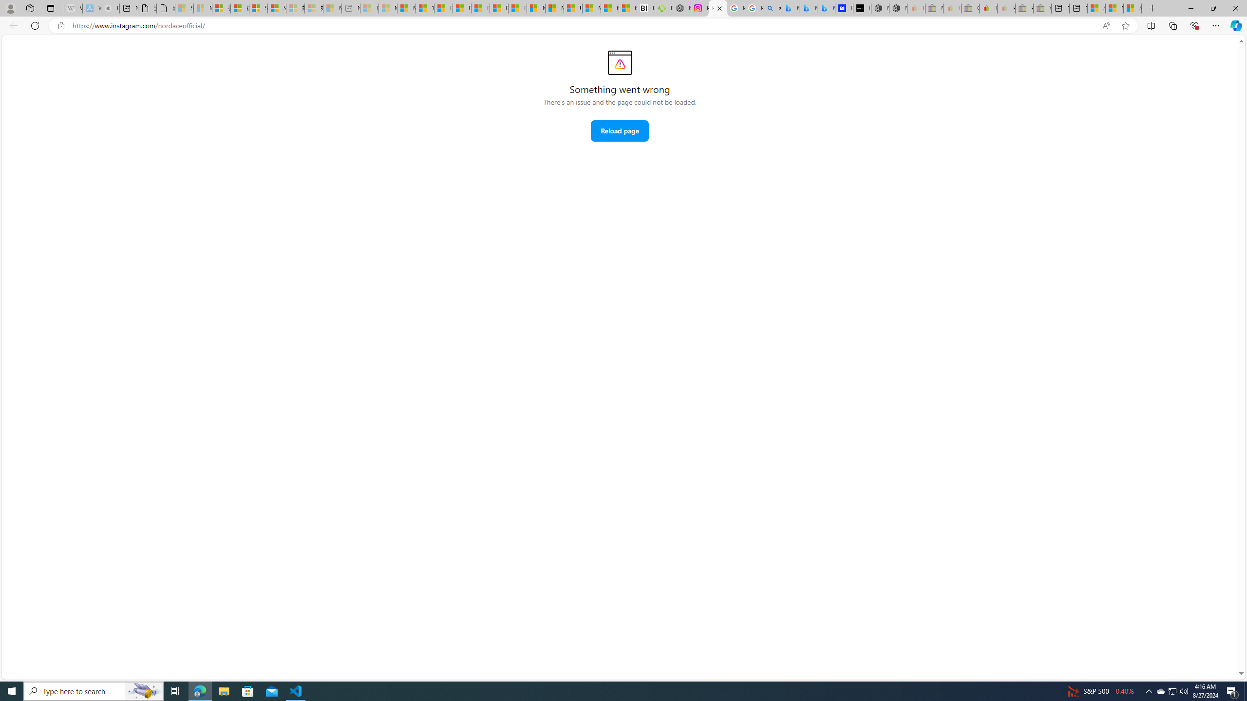  I want to click on 'Food and Drink - MSN', so click(443, 8).